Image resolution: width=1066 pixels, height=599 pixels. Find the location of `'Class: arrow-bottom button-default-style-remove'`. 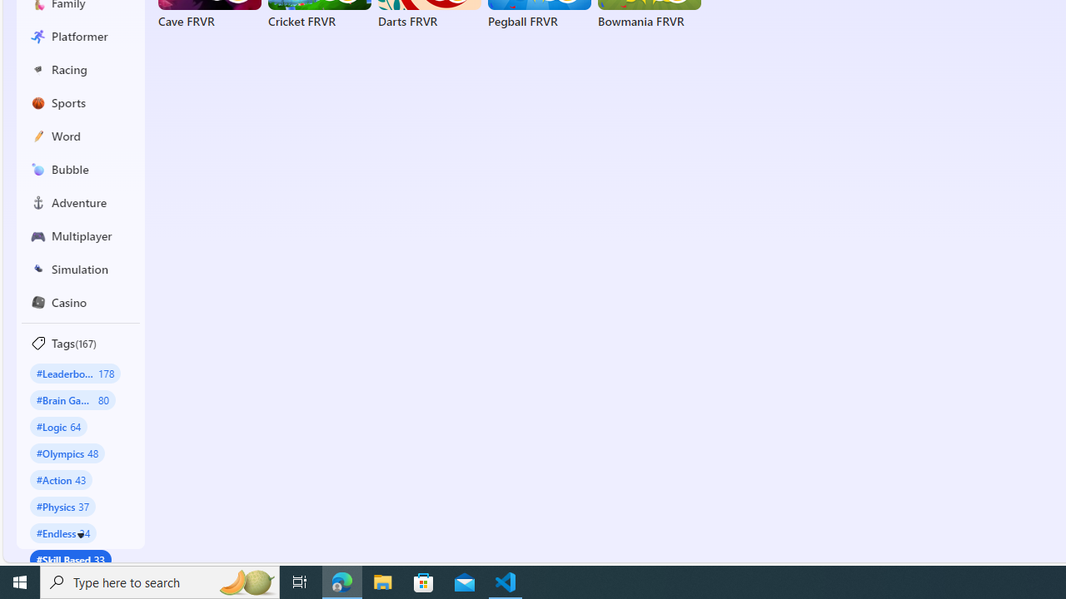

'Class: arrow-bottom button-default-style-remove' is located at coordinates (80, 536).